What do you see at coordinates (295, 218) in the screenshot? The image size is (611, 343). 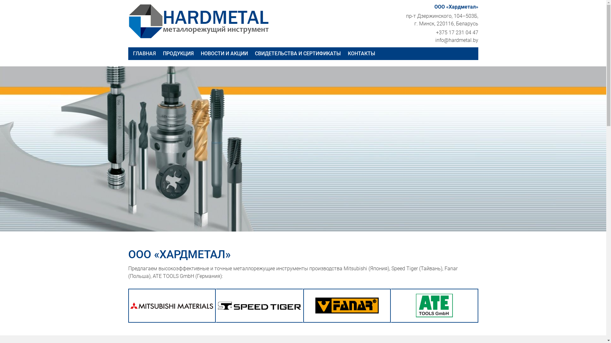 I see `'1'` at bounding box center [295, 218].